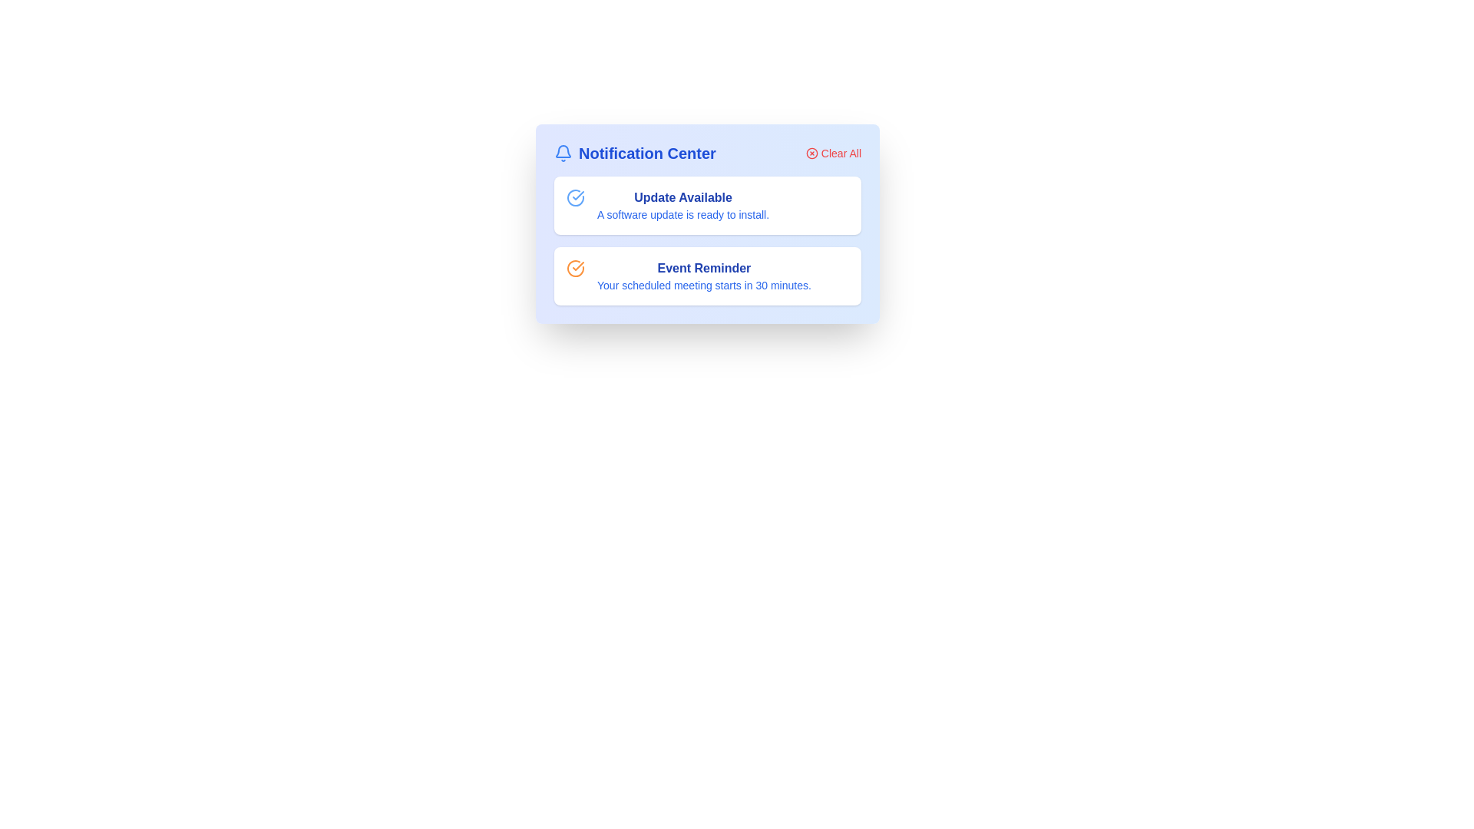 This screenshot has height=829, width=1474. I want to click on user notification message styled in blue that states 'A software update is ready to install.' This message is positioned below the bold header 'Update Available', so click(682, 215).